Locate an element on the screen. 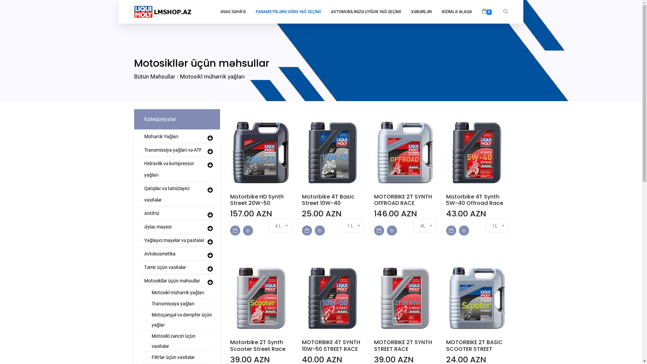 Image resolution: width=647 pixels, height=364 pixels. 'Antifriz' is located at coordinates (177, 213).